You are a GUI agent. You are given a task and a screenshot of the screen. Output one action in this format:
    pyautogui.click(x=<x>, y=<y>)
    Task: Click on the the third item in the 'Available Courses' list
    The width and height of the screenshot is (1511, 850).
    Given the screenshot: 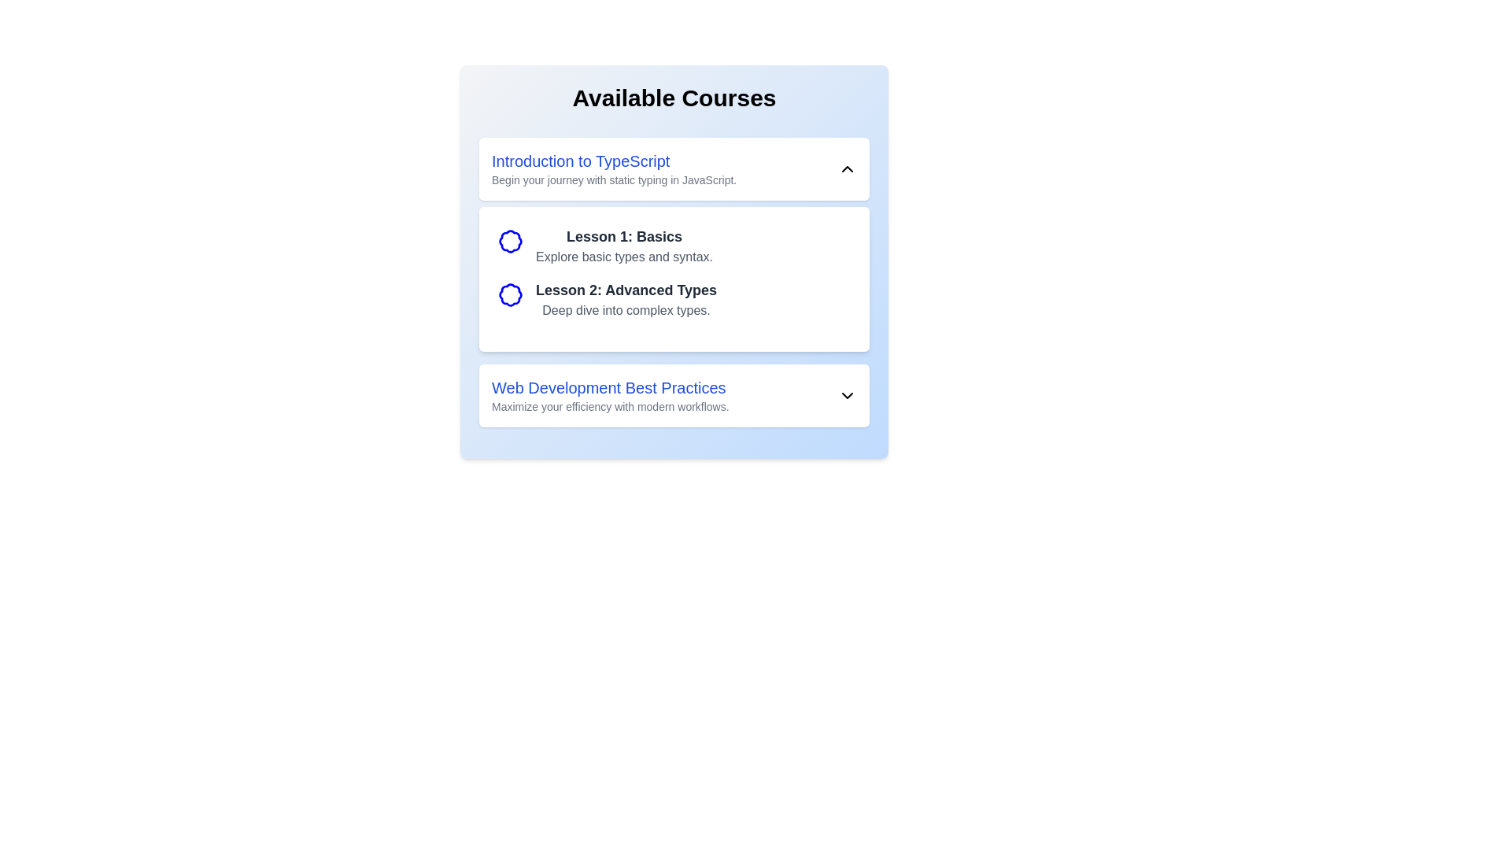 What is the action you would take?
    pyautogui.click(x=674, y=394)
    